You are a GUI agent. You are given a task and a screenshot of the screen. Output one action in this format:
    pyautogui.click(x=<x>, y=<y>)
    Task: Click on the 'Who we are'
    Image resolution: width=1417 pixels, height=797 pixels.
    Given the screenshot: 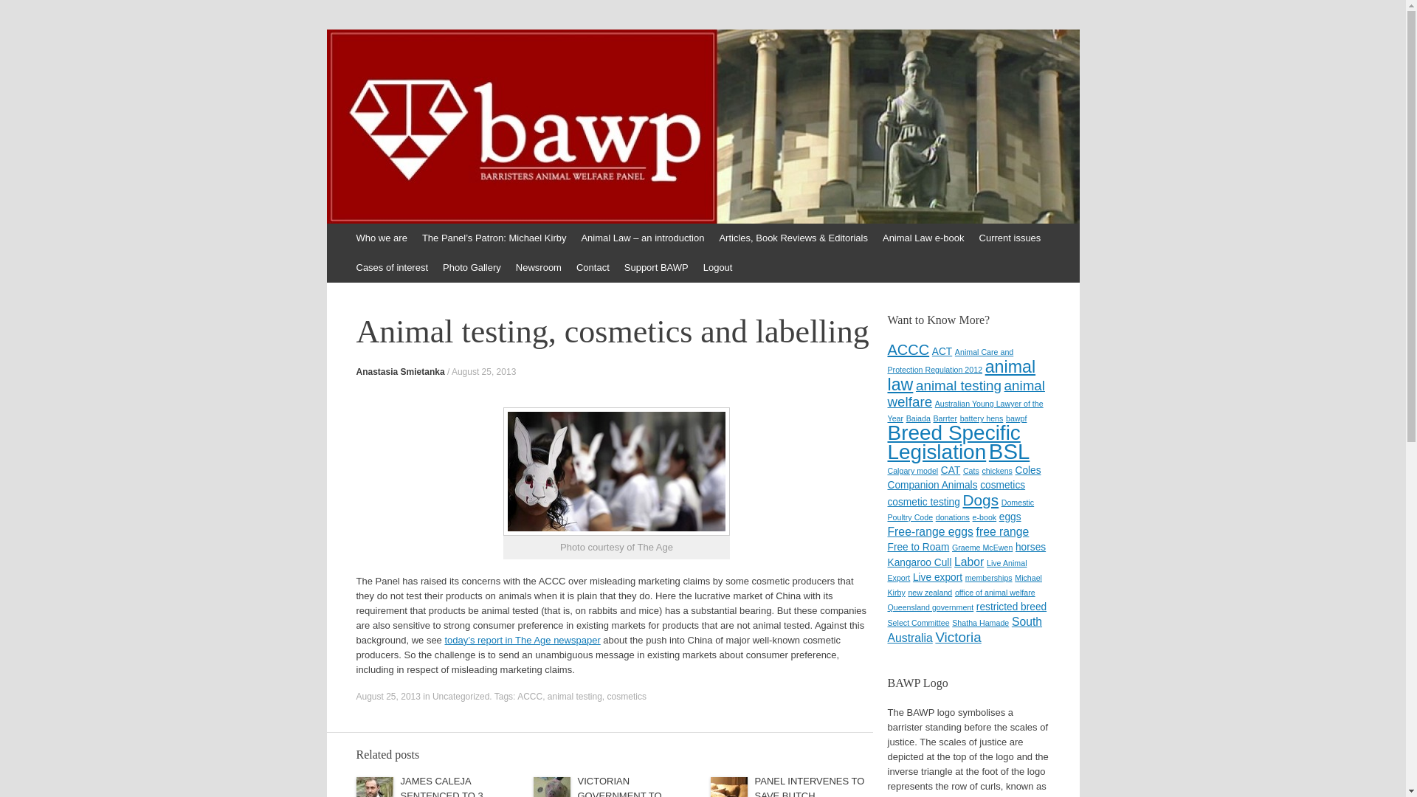 What is the action you would take?
    pyautogui.click(x=381, y=238)
    